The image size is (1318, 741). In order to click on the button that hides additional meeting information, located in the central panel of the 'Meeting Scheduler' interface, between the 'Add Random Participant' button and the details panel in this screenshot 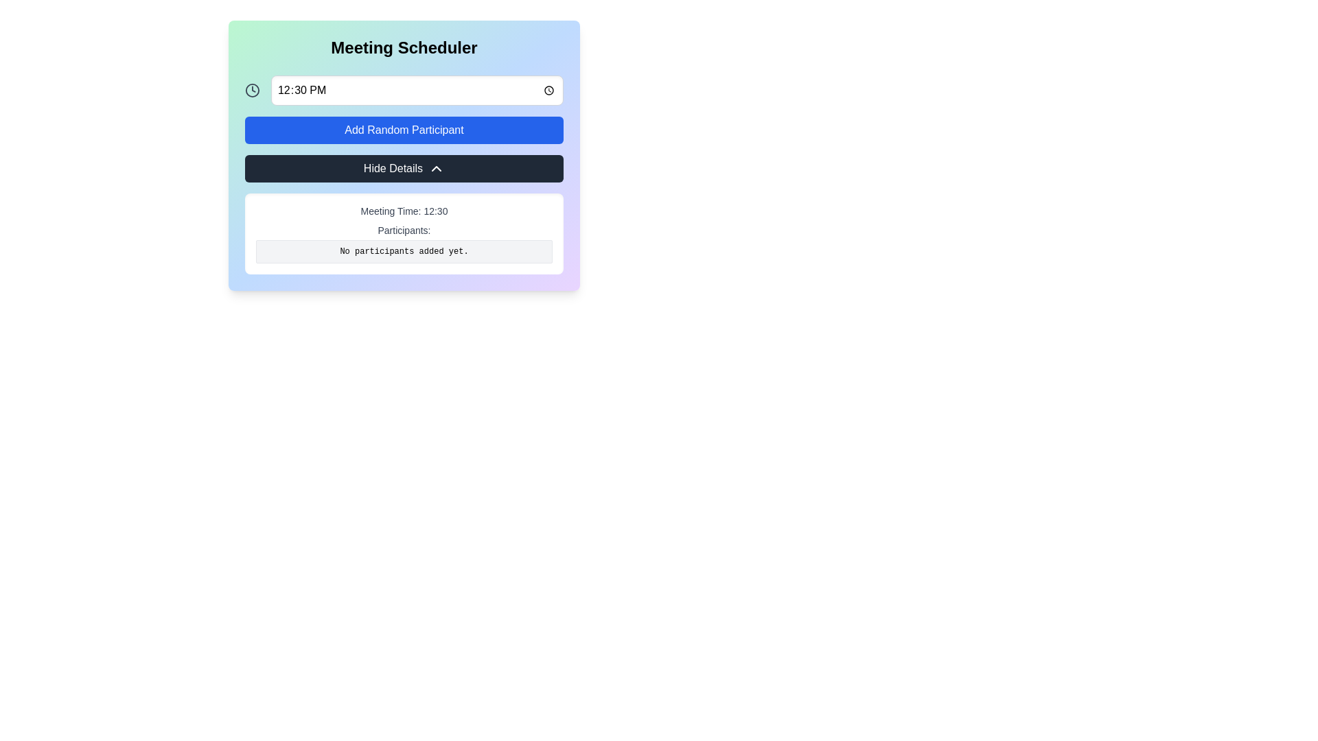, I will do `click(404, 155)`.